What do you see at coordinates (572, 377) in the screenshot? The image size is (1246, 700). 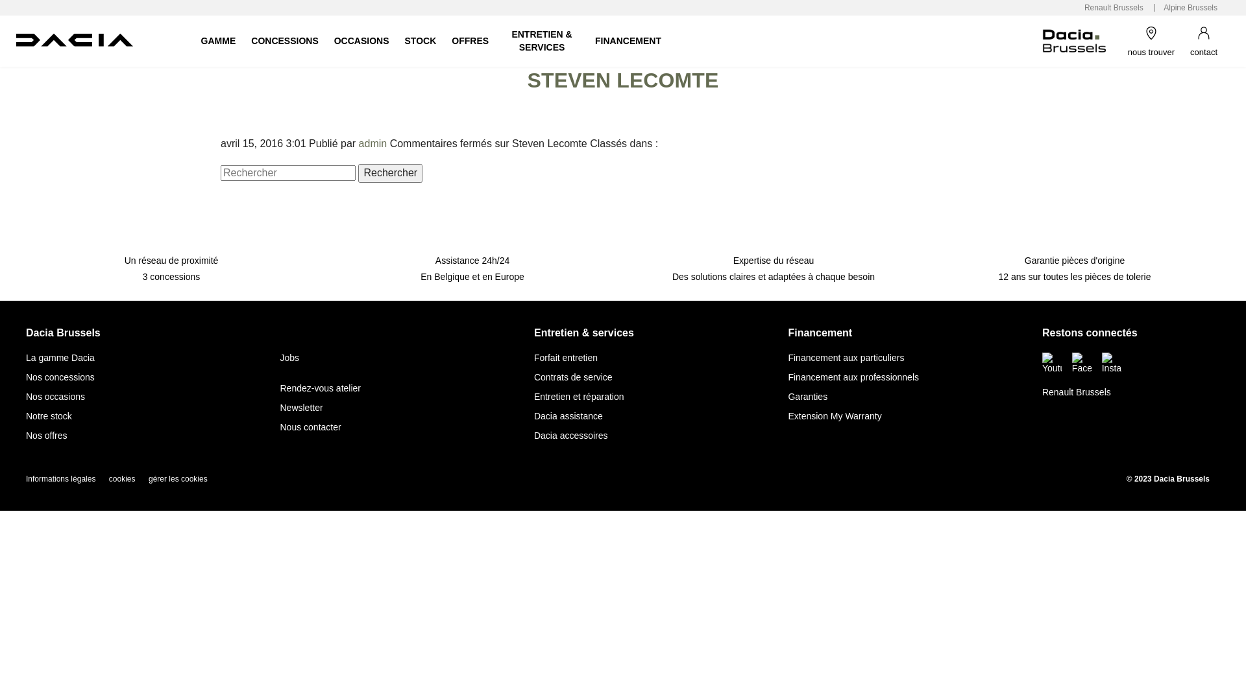 I see `'Contrats de service'` at bounding box center [572, 377].